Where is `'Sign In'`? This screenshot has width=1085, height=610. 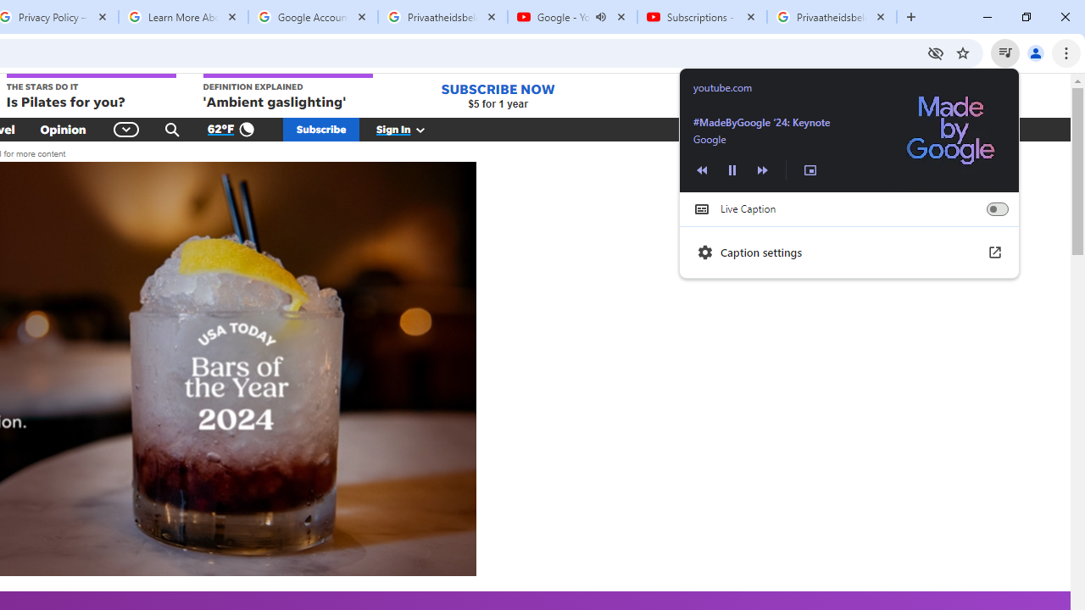
'Sign In' is located at coordinates (409, 129).